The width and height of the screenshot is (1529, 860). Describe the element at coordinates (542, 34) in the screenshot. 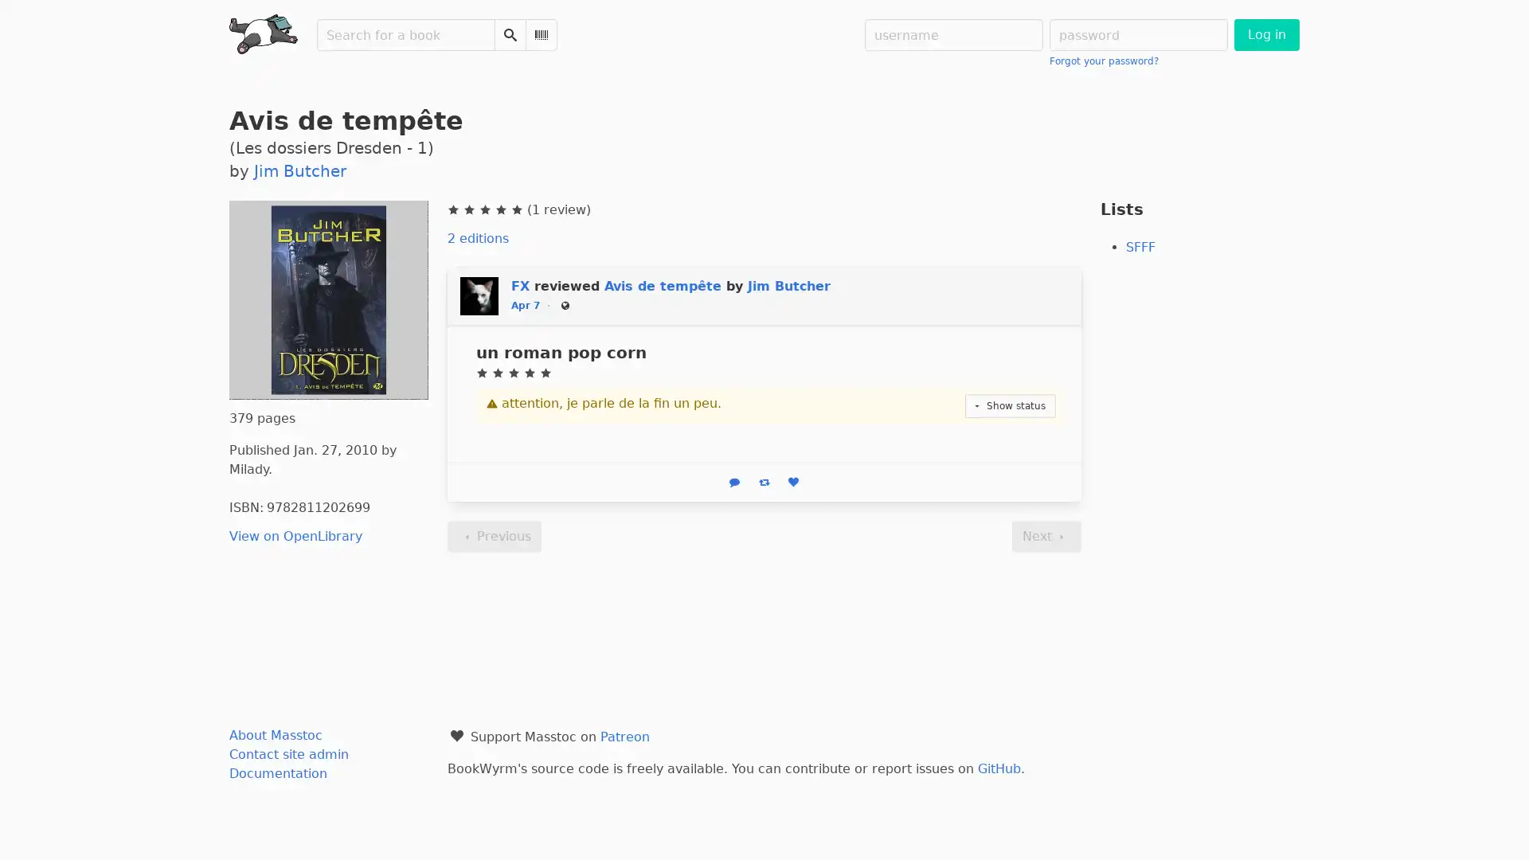

I see `Scan Barcode` at that location.